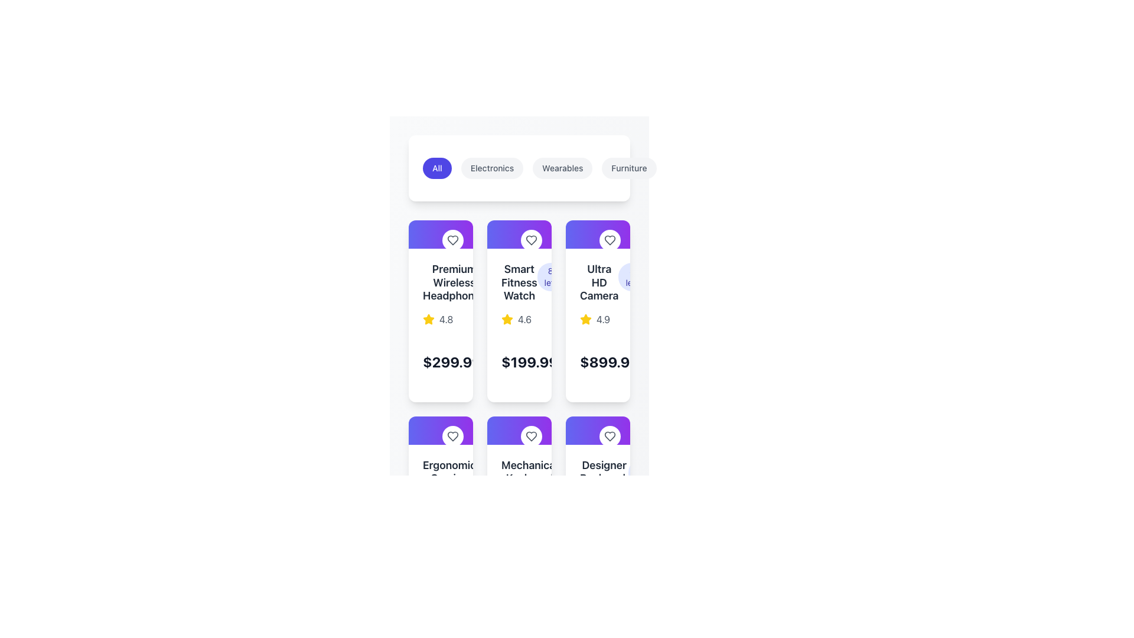 This screenshot has height=638, width=1134. What do you see at coordinates (610, 240) in the screenshot?
I see `the second icon from the left in the top section of the UI, which functions as a 'favorite' or 'like' button, to favorite the item associated with 'Smart Fitness Watch'` at bounding box center [610, 240].